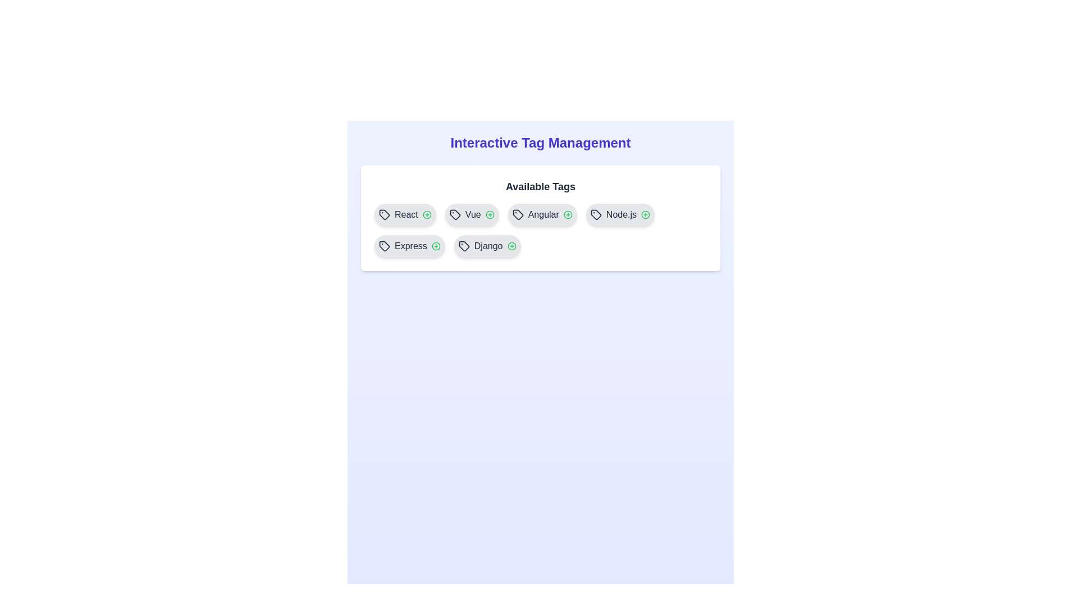 Image resolution: width=1078 pixels, height=606 pixels. I want to click on the circular button that is positioned to the right of the 'Node.js' tag text, so click(646, 214).